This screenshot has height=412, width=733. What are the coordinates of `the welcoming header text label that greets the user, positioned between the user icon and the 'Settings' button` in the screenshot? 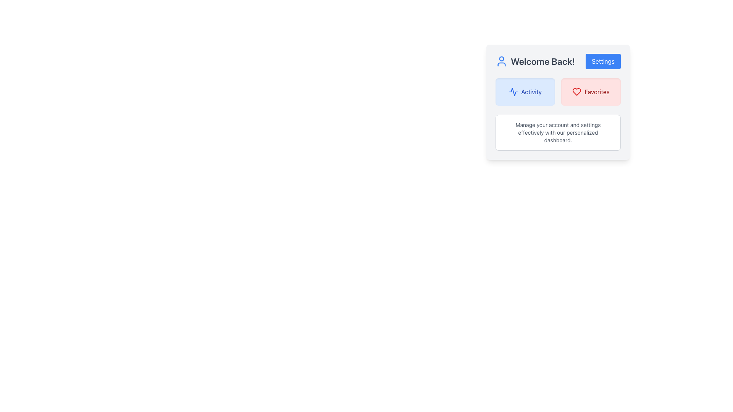 It's located at (542, 61).